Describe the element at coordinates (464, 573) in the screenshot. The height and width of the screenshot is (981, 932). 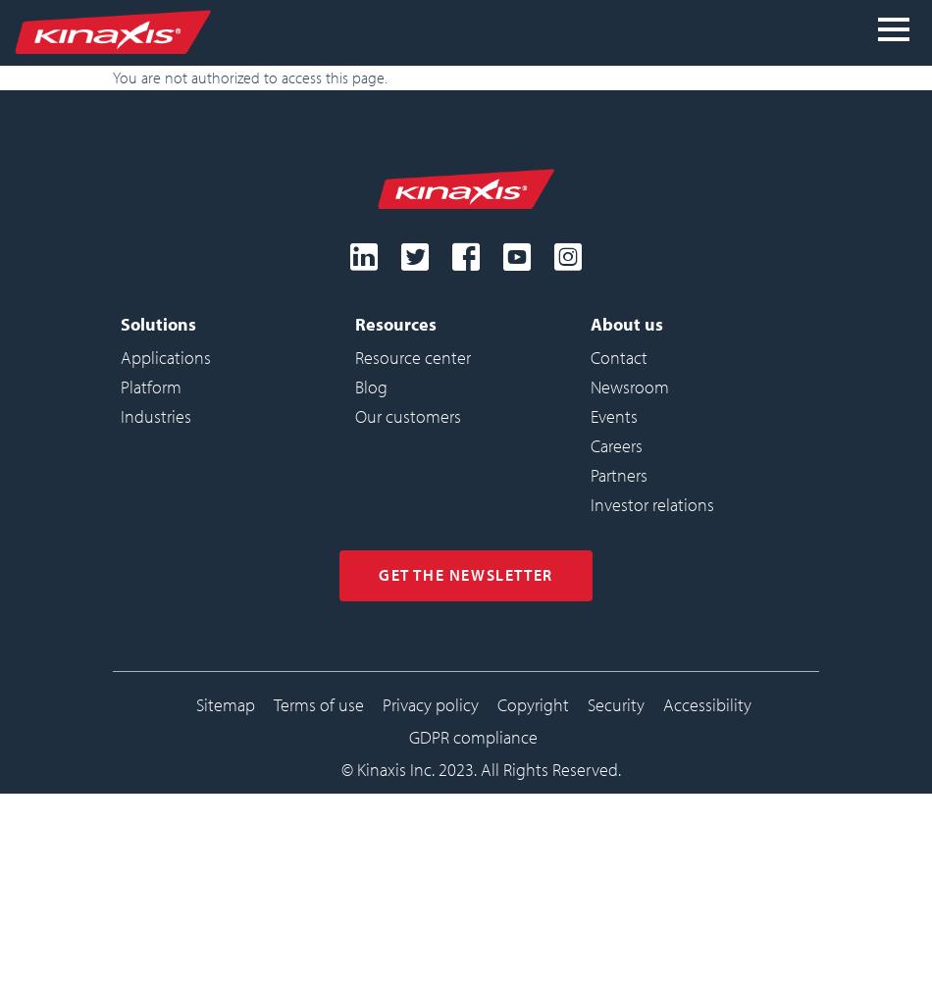
I see `'Get the Newsletter'` at that location.